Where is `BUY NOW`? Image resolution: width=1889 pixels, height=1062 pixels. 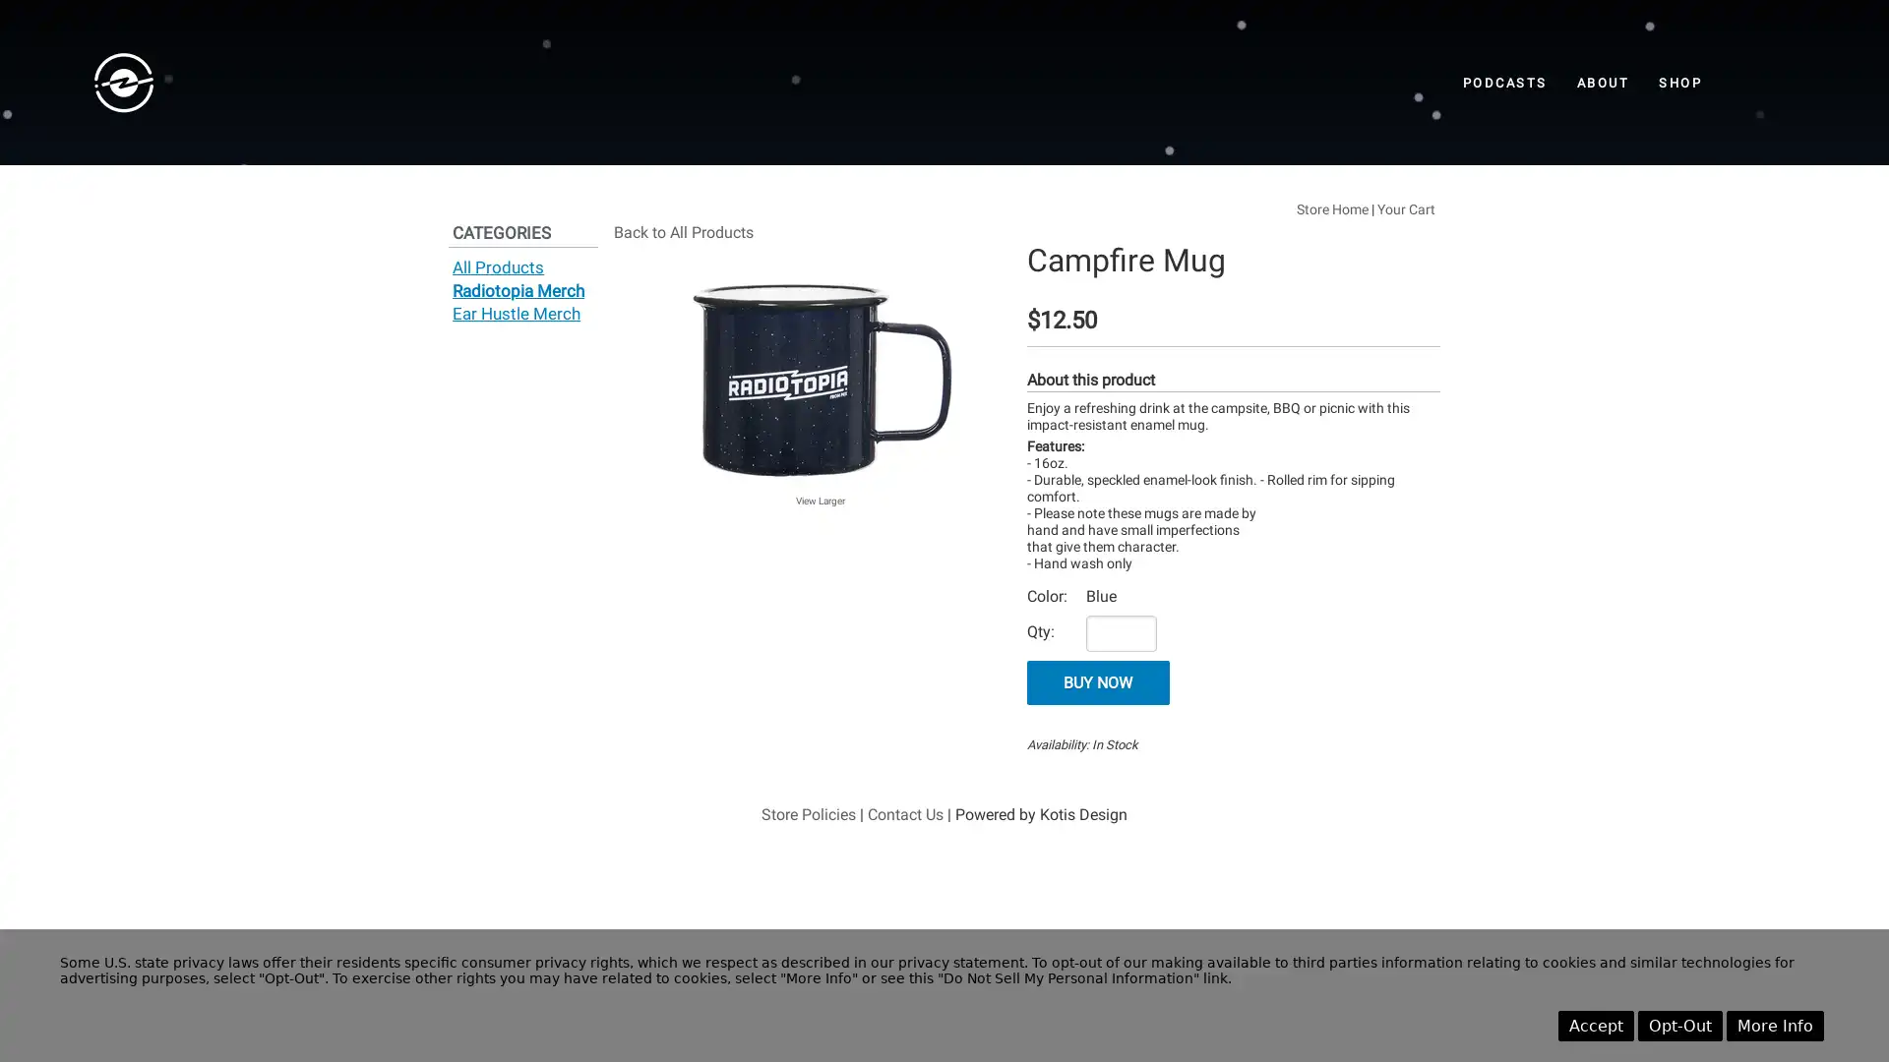
BUY NOW is located at coordinates (1096, 681).